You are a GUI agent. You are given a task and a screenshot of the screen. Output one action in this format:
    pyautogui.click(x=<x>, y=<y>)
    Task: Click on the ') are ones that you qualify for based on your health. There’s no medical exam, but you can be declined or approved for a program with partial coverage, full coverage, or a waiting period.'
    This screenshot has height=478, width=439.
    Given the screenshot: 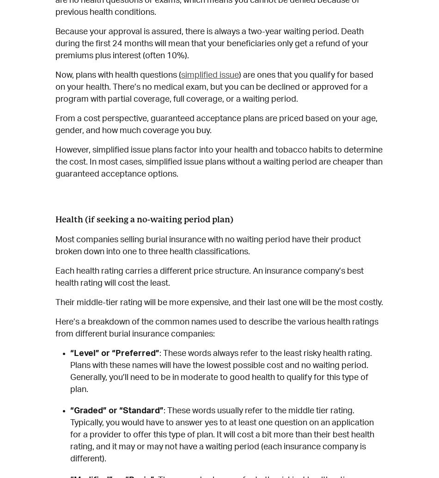 What is the action you would take?
    pyautogui.click(x=55, y=86)
    